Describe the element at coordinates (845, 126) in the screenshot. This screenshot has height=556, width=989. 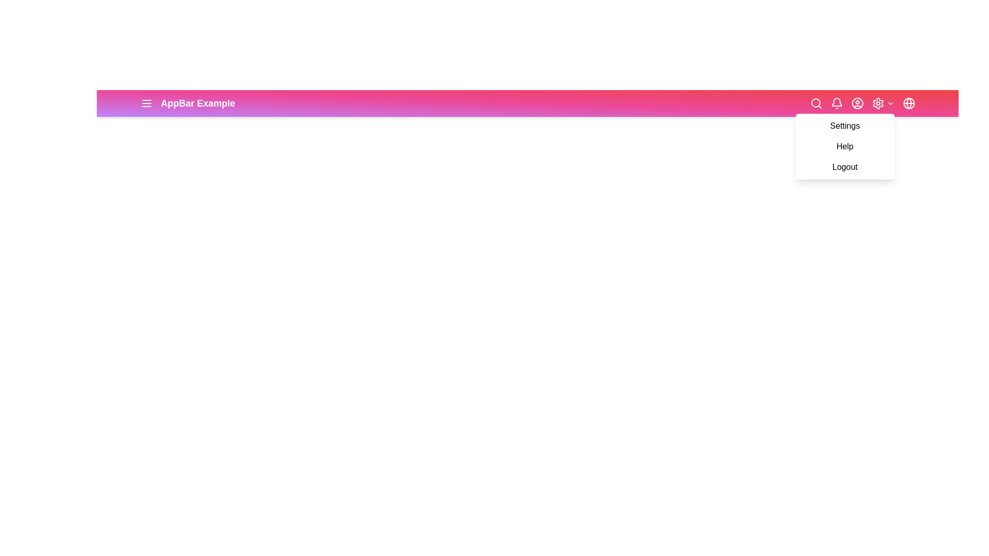
I see `the Settings from the settings dropdown` at that location.